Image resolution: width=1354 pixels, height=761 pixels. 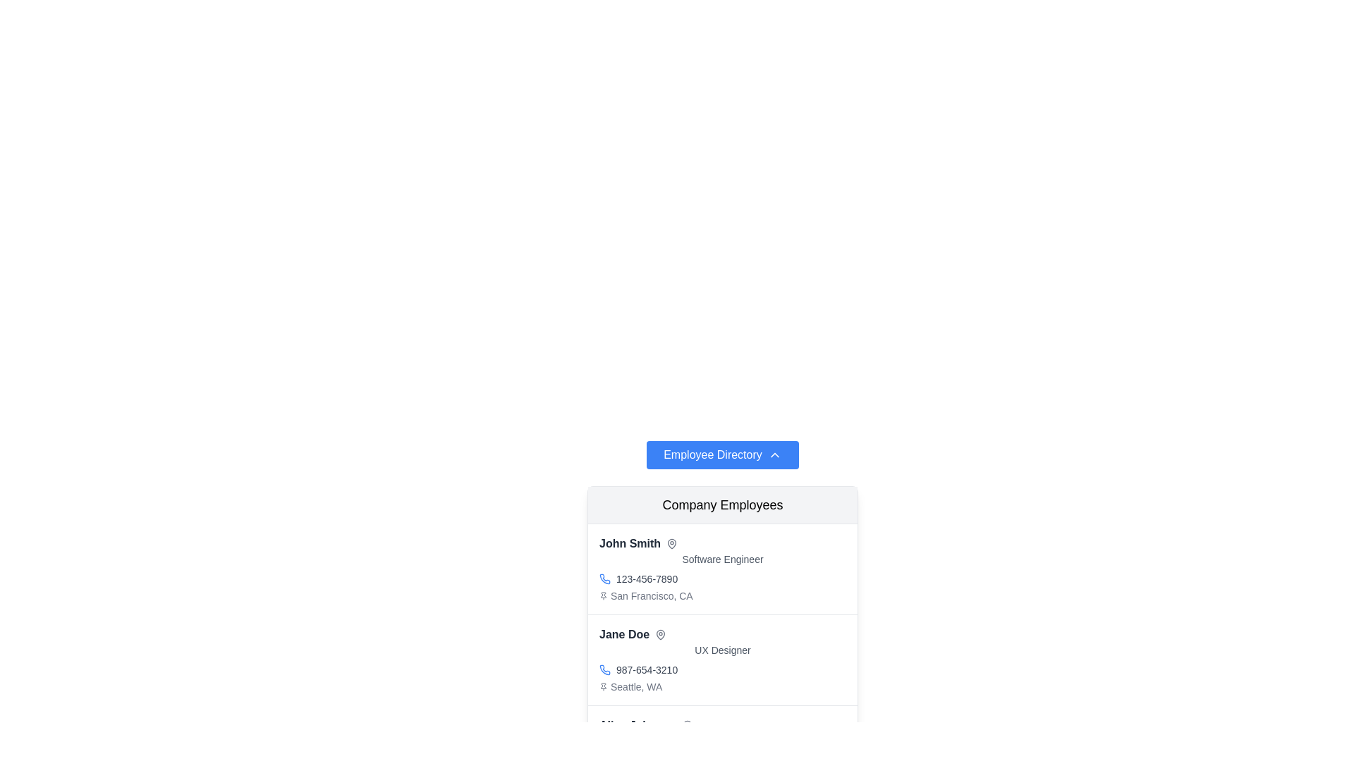 What do you see at coordinates (723, 686) in the screenshot?
I see `the location information` at bounding box center [723, 686].